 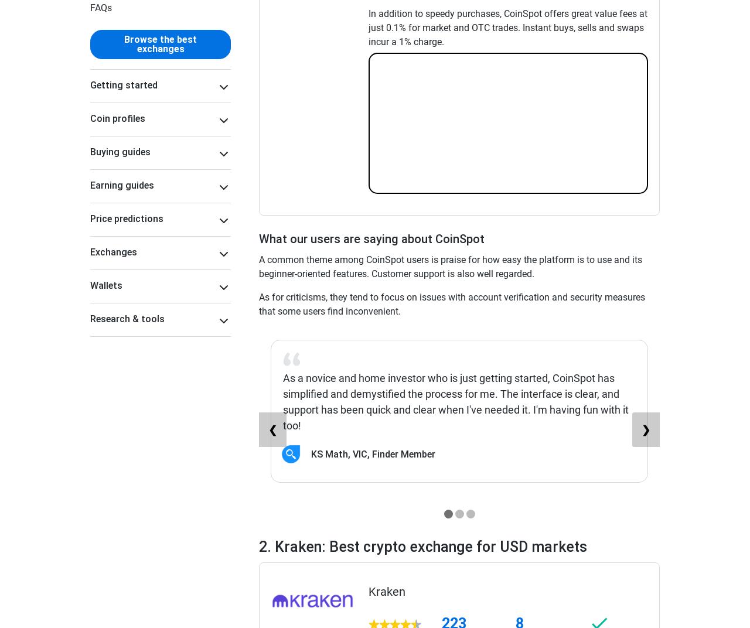 What do you see at coordinates (124, 43) in the screenshot?
I see `'Browse the best exchanges'` at bounding box center [124, 43].